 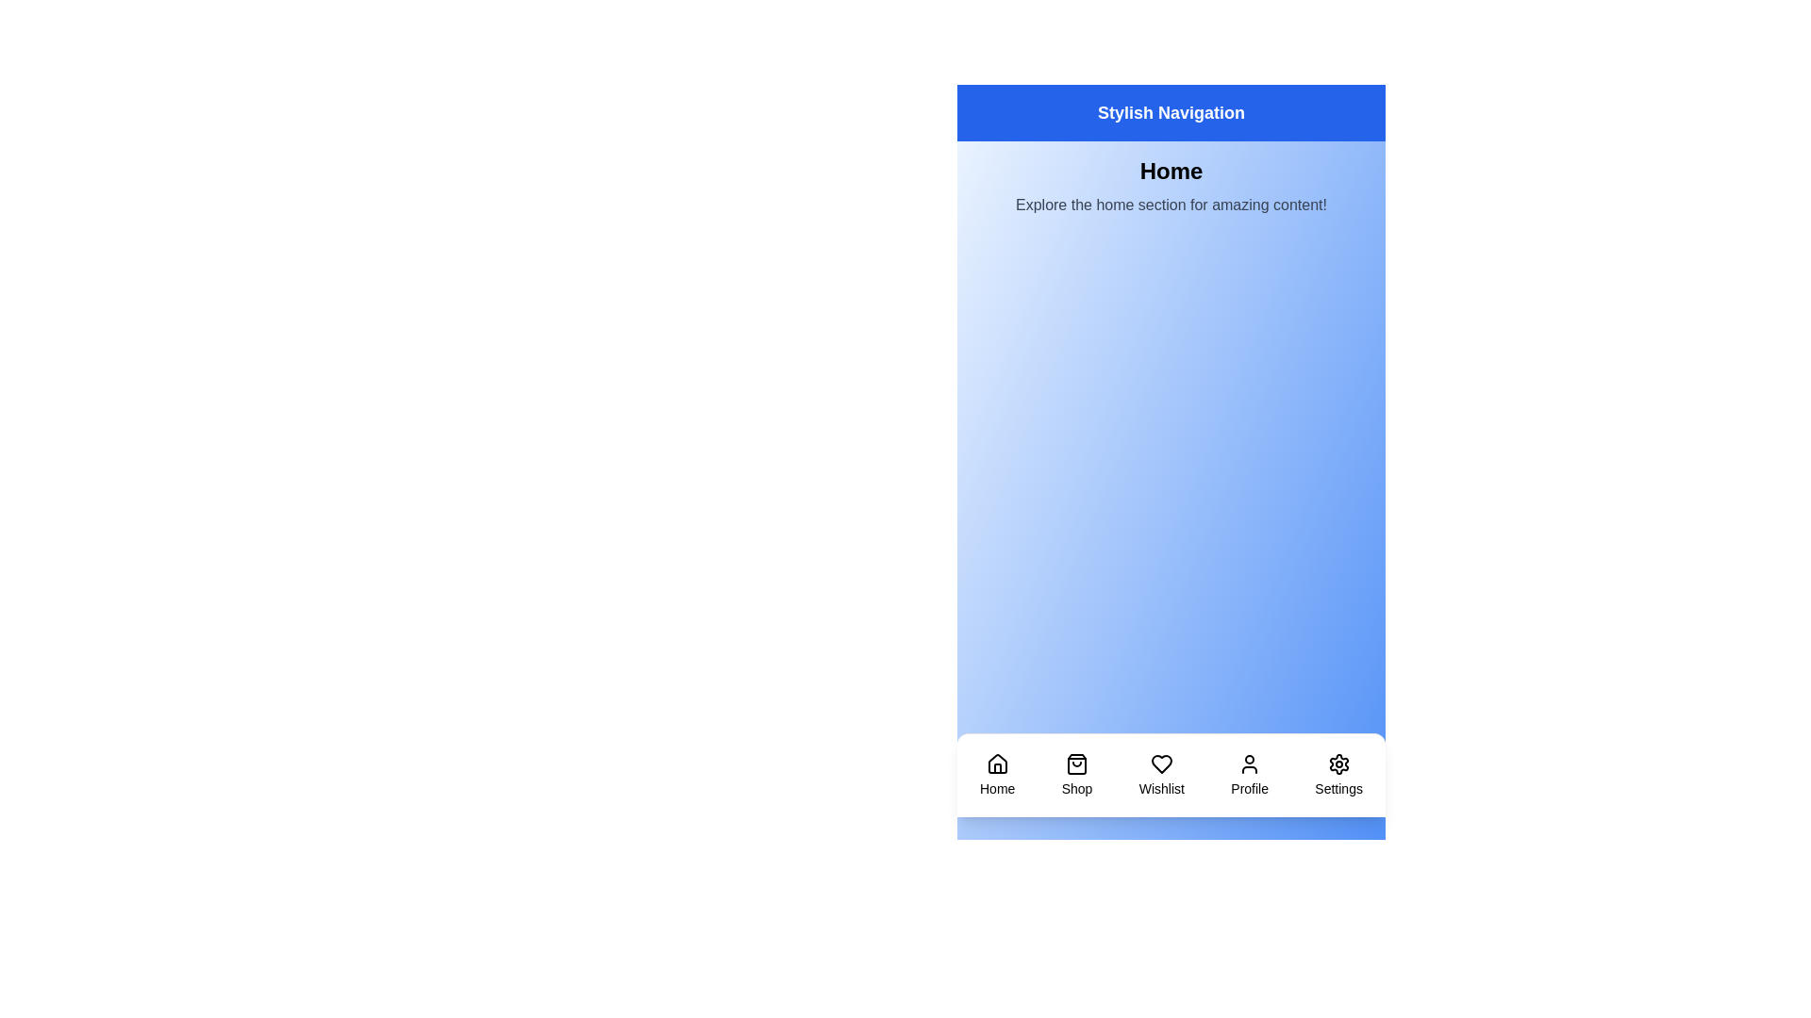 What do you see at coordinates (1077, 775) in the screenshot?
I see `the Shop tab in the bottom navigation bar` at bounding box center [1077, 775].